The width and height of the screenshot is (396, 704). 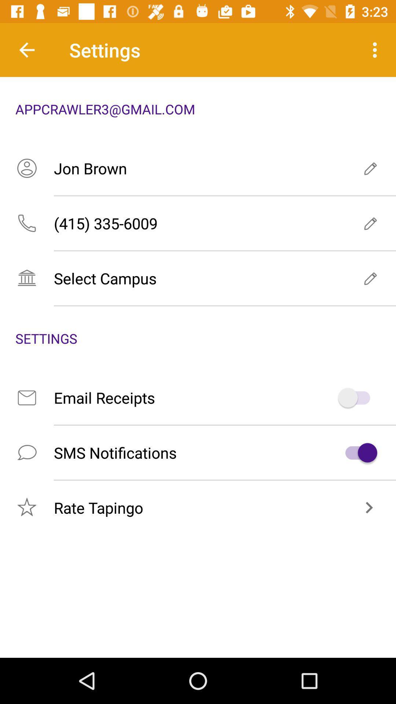 What do you see at coordinates (198, 168) in the screenshot?
I see `the item below appcrawler3@gmail.com` at bounding box center [198, 168].